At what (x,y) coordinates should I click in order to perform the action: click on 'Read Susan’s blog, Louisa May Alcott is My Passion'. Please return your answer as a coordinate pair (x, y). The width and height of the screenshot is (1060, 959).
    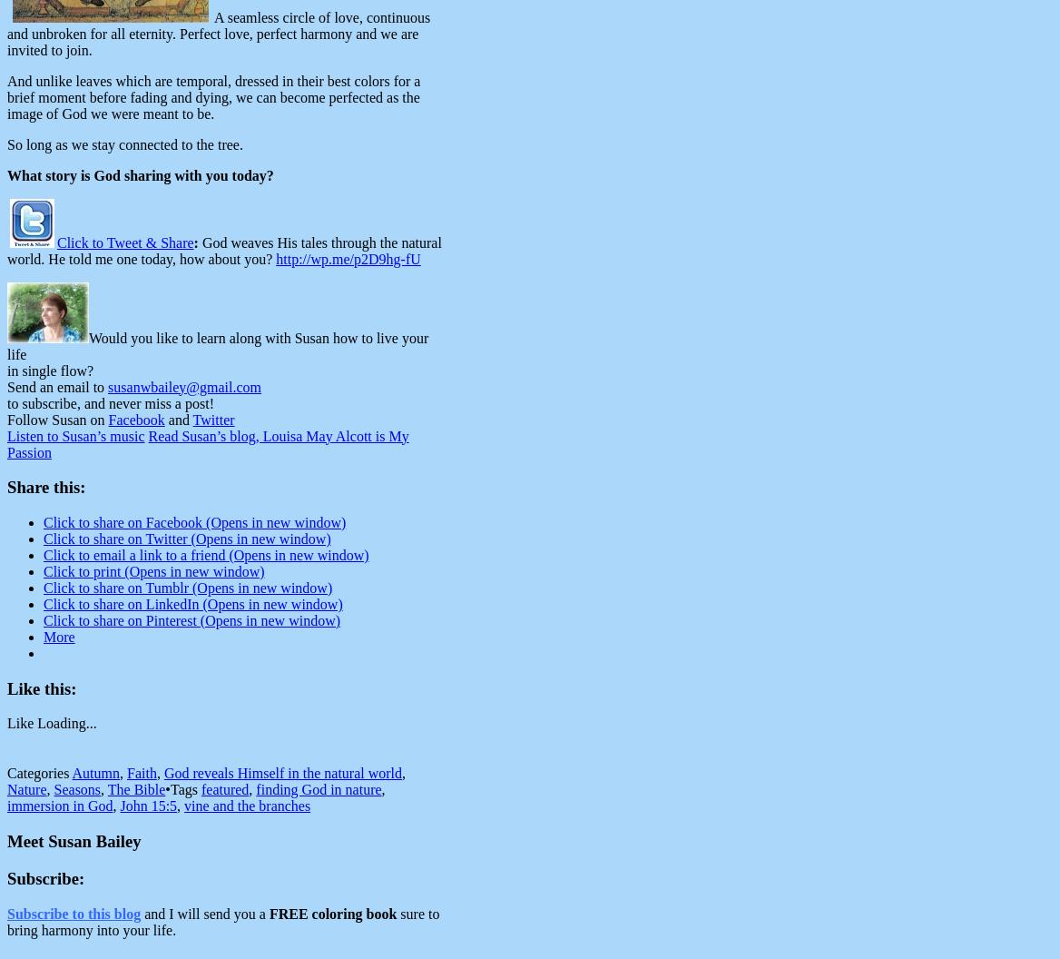
    Looking at the image, I should click on (207, 442).